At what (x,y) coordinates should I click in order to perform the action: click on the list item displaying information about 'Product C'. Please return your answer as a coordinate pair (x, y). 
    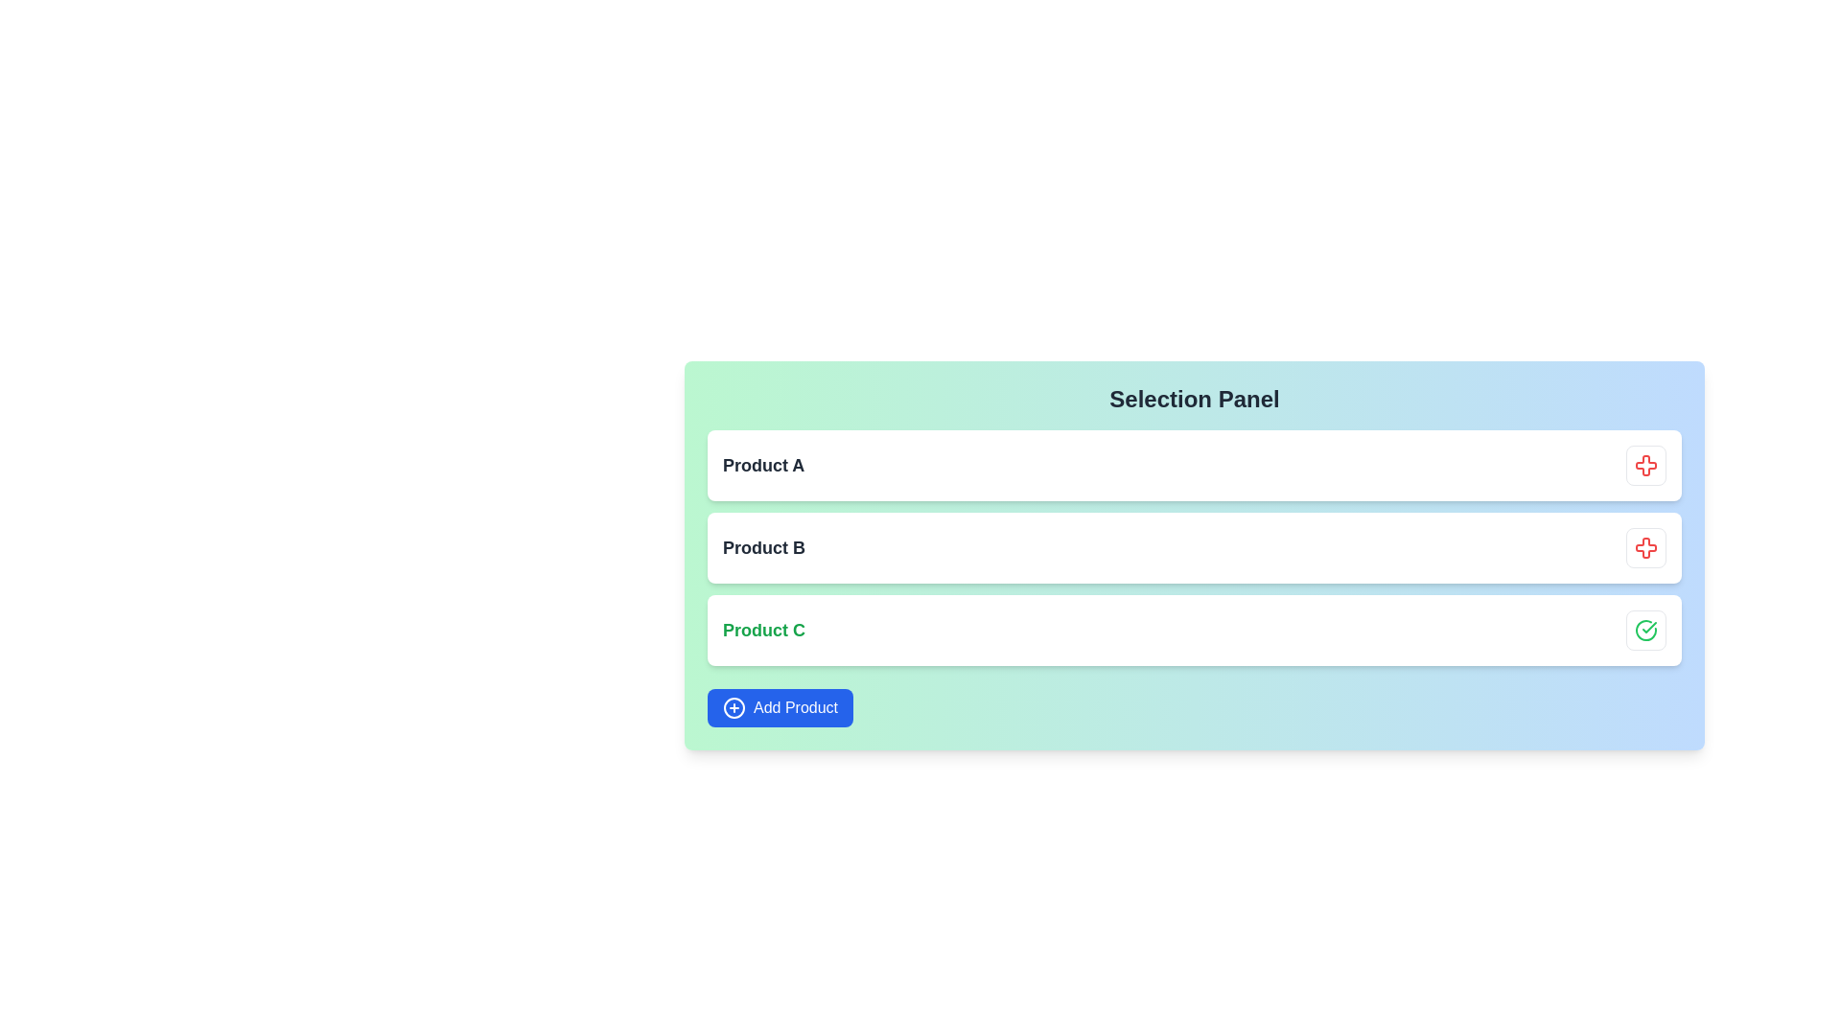
    Looking at the image, I should click on (1194, 631).